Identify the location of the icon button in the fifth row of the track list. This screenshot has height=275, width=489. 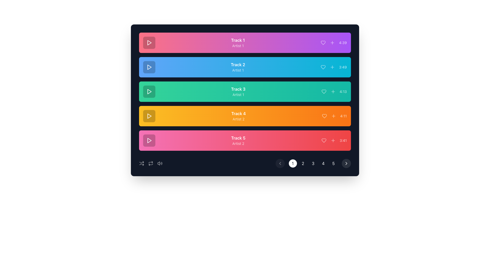
(323, 140).